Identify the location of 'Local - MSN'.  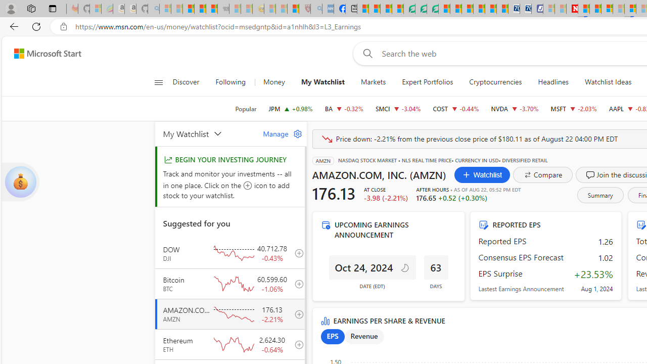
(293, 9).